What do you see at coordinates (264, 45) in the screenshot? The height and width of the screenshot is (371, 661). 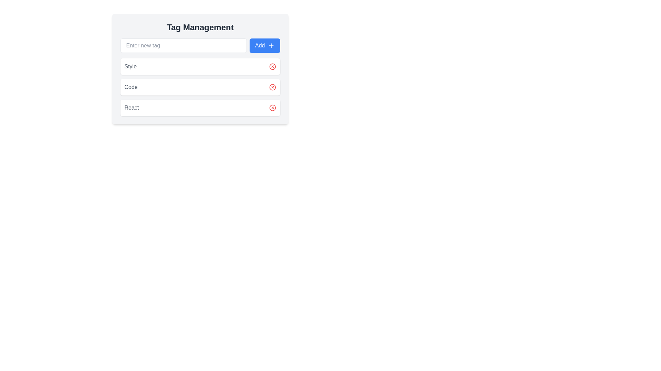 I see `the button that adds a new item, located to the right of the 'Enter new tag' text input field` at bounding box center [264, 45].